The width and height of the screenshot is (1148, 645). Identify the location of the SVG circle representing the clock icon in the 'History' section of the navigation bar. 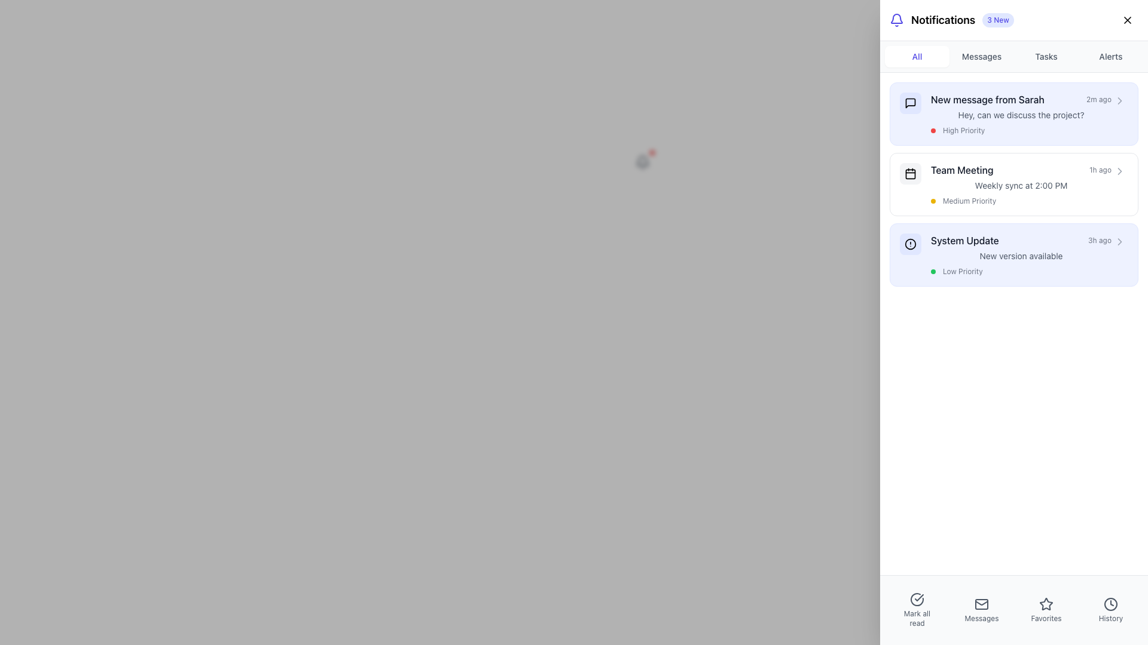
(1110, 604).